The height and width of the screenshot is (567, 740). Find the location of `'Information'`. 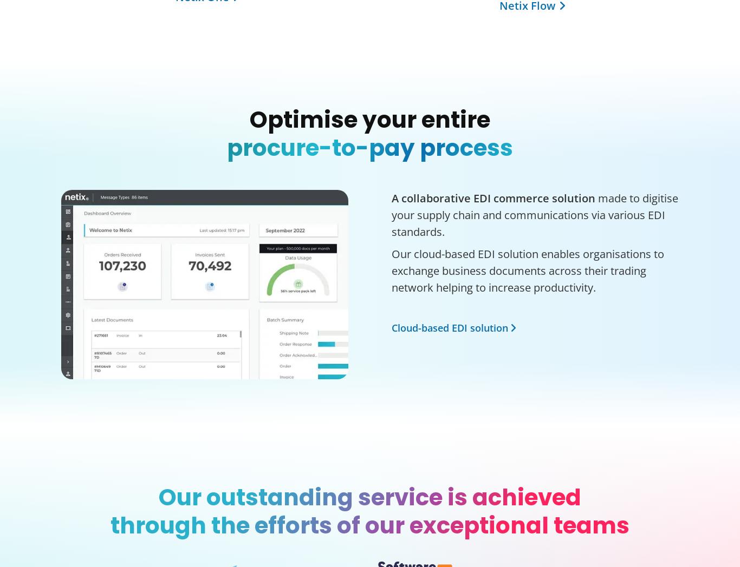

'Information' is located at coordinates (573, 126).